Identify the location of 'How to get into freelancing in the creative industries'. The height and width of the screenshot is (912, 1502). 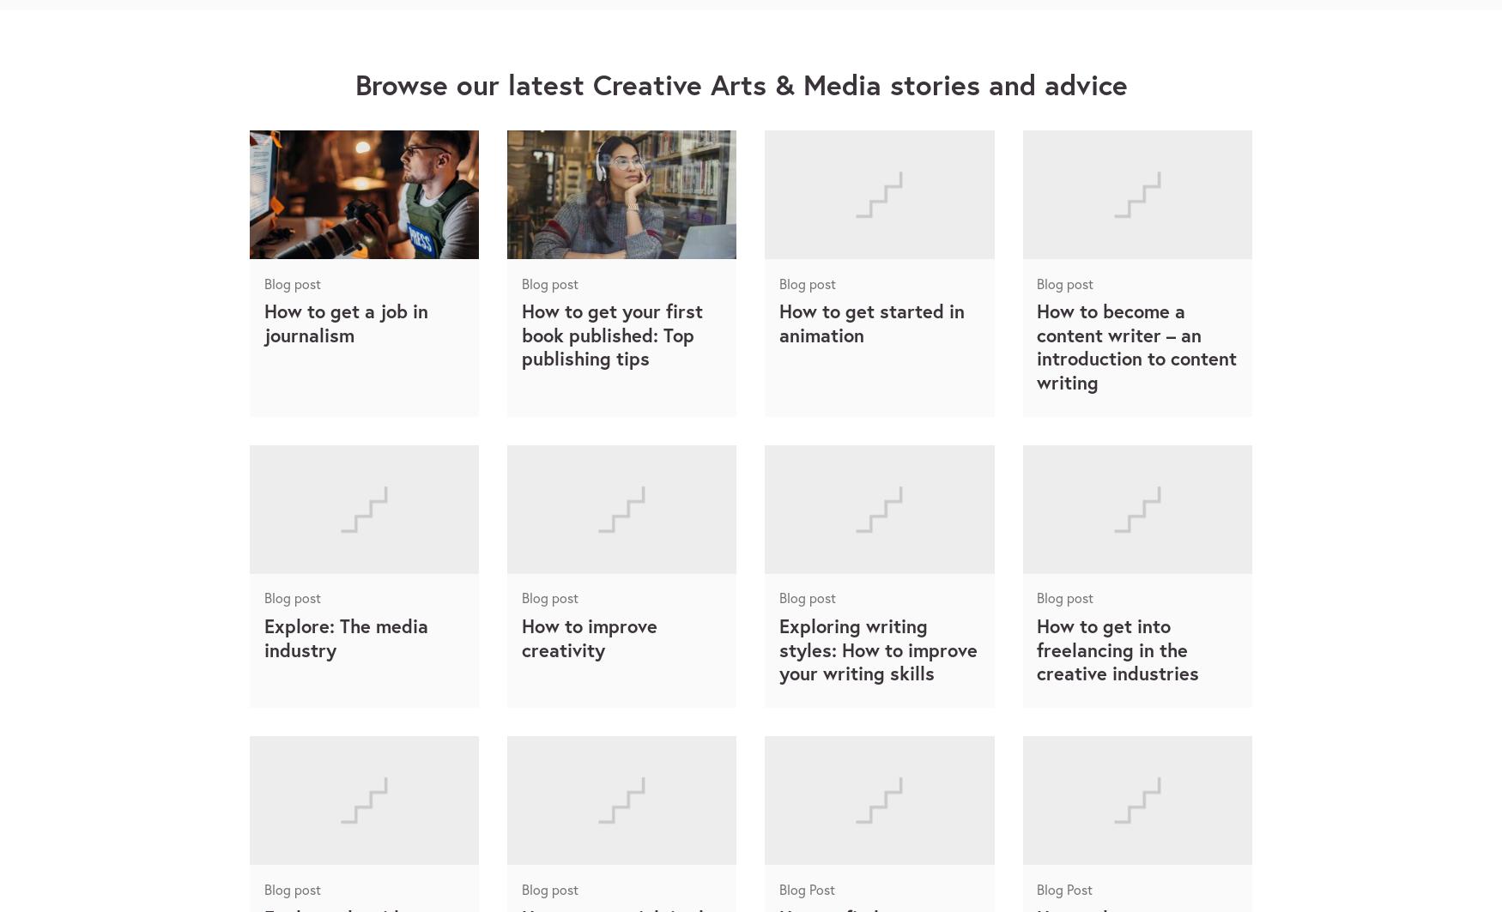
(1117, 648).